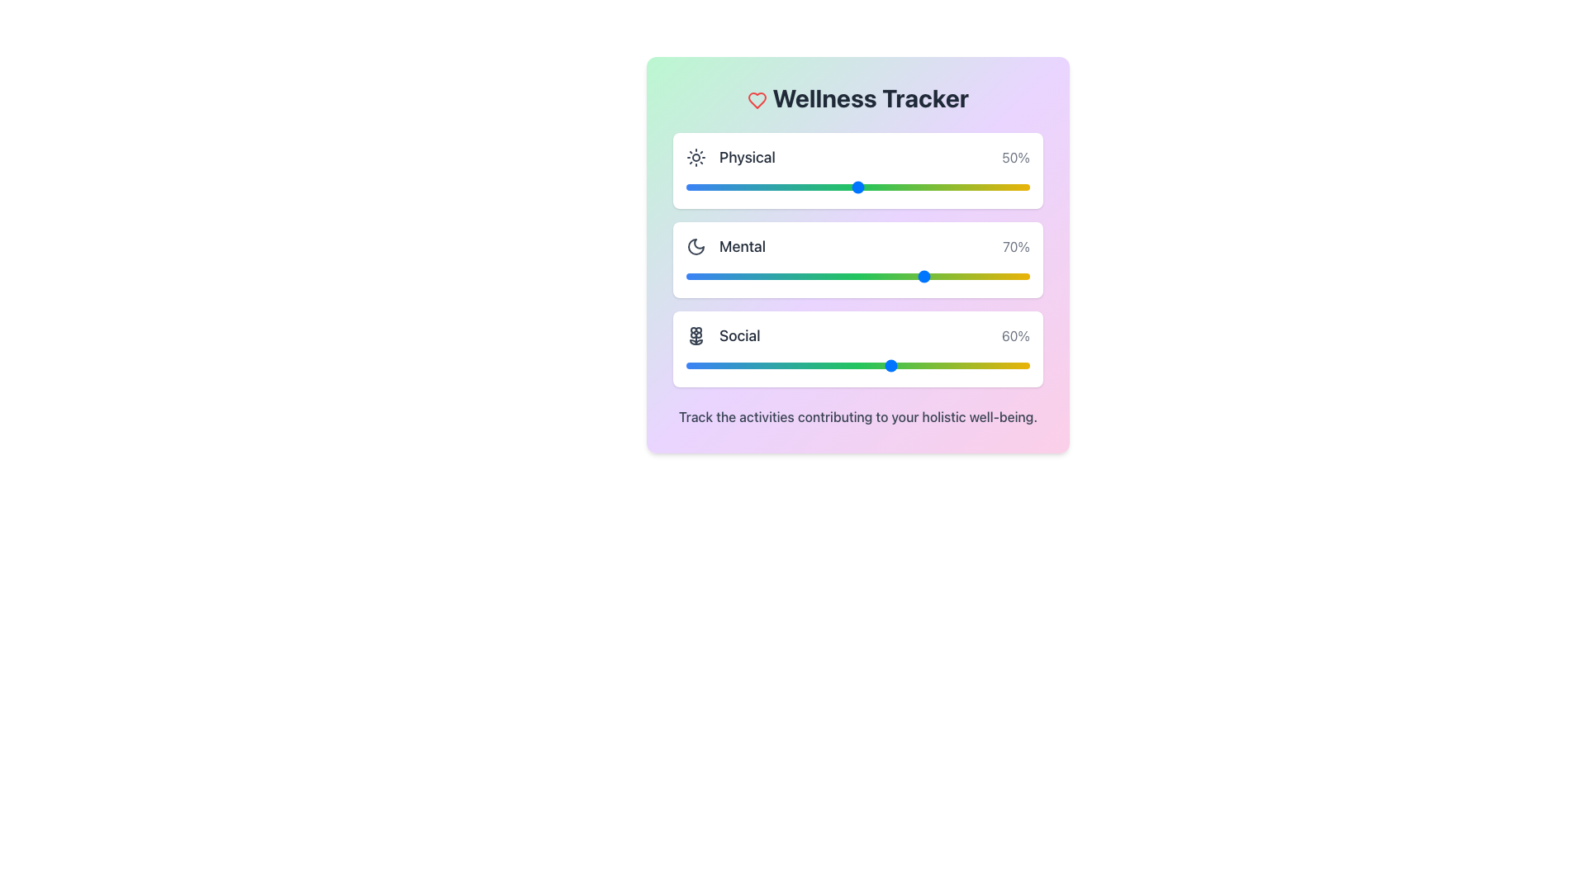 This screenshot has height=892, width=1586. What do you see at coordinates (724, 276) in the screenshot?
I see `the mental health value` at bounding box center [724, 276].